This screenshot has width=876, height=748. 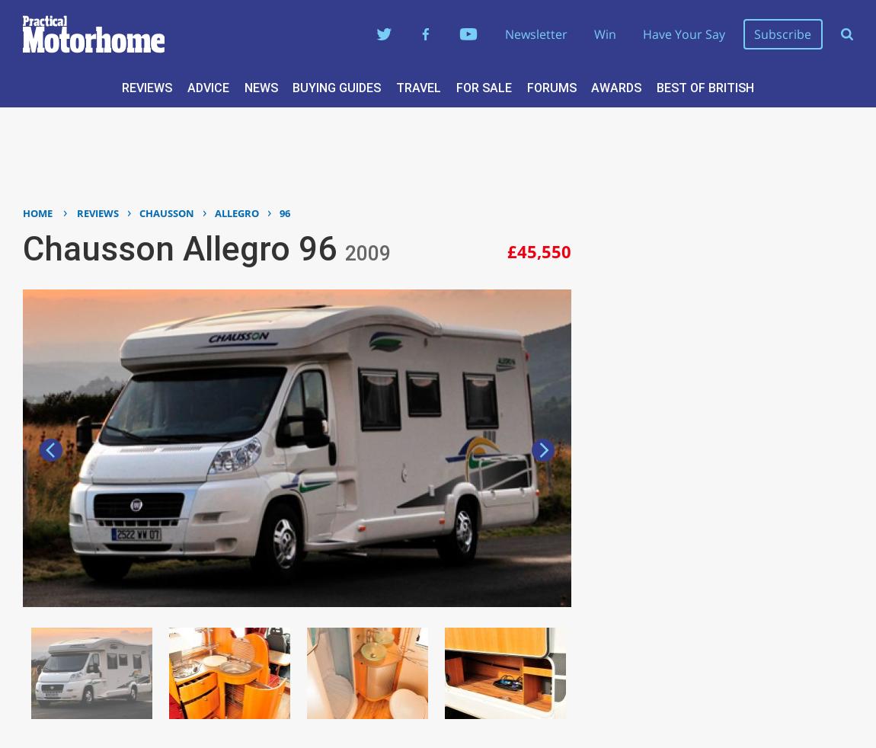 What do you see at coordinates (36, 212) in the screenshot?
I see `'Home'` at bounding box center [36, 212].